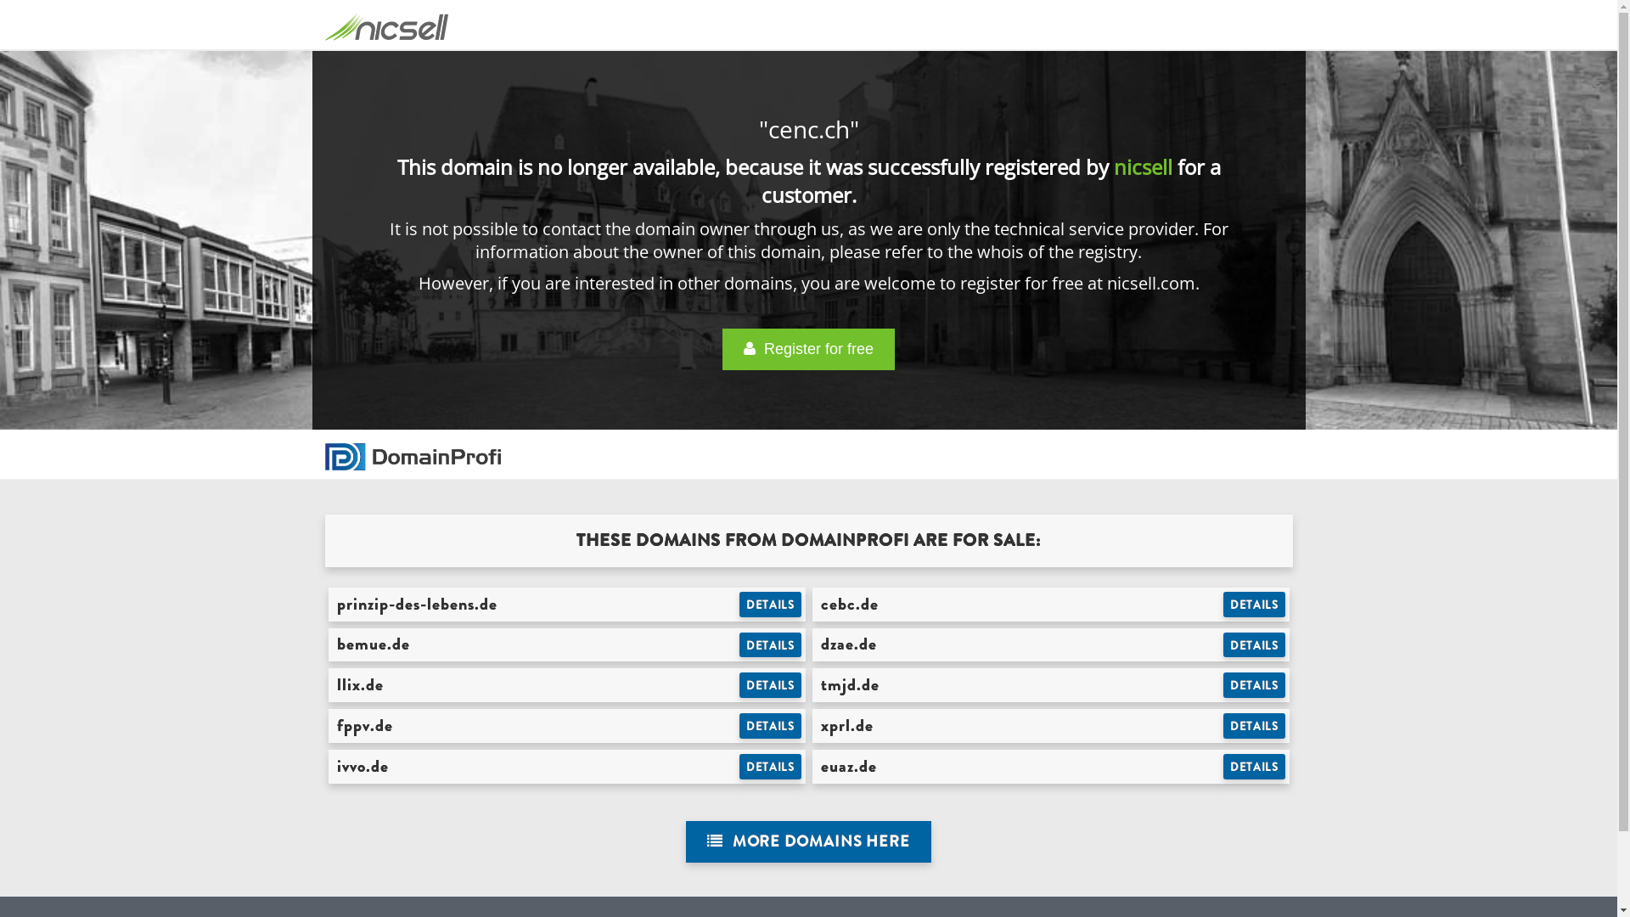 This screenshot has height=917, width=1630. I want to click on 'DETAILS', so click(1254, 726).